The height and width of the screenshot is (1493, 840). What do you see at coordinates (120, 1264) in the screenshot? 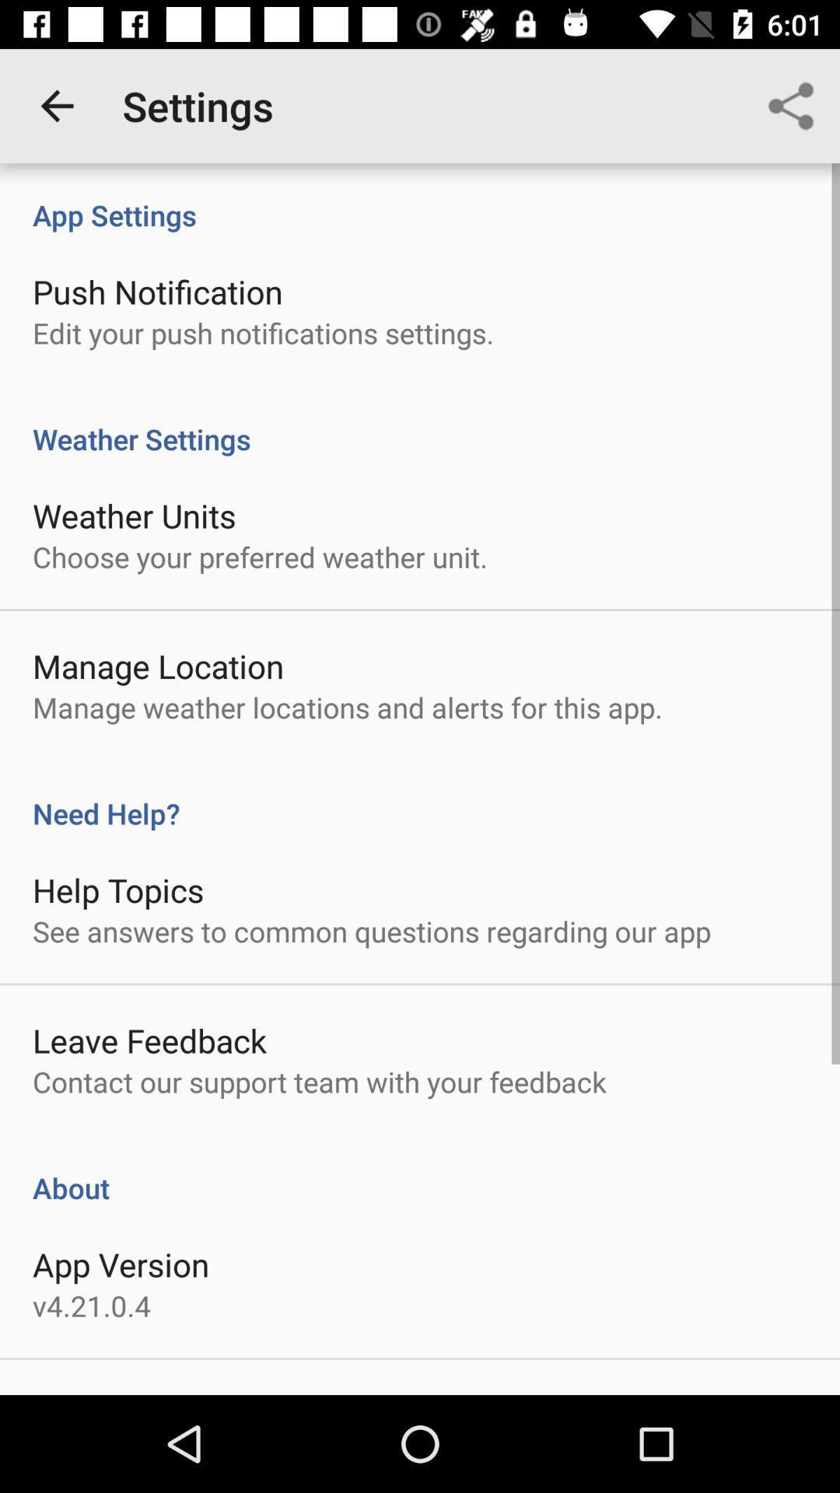
I see `item below the about item` at bounding box center [120, 1264].